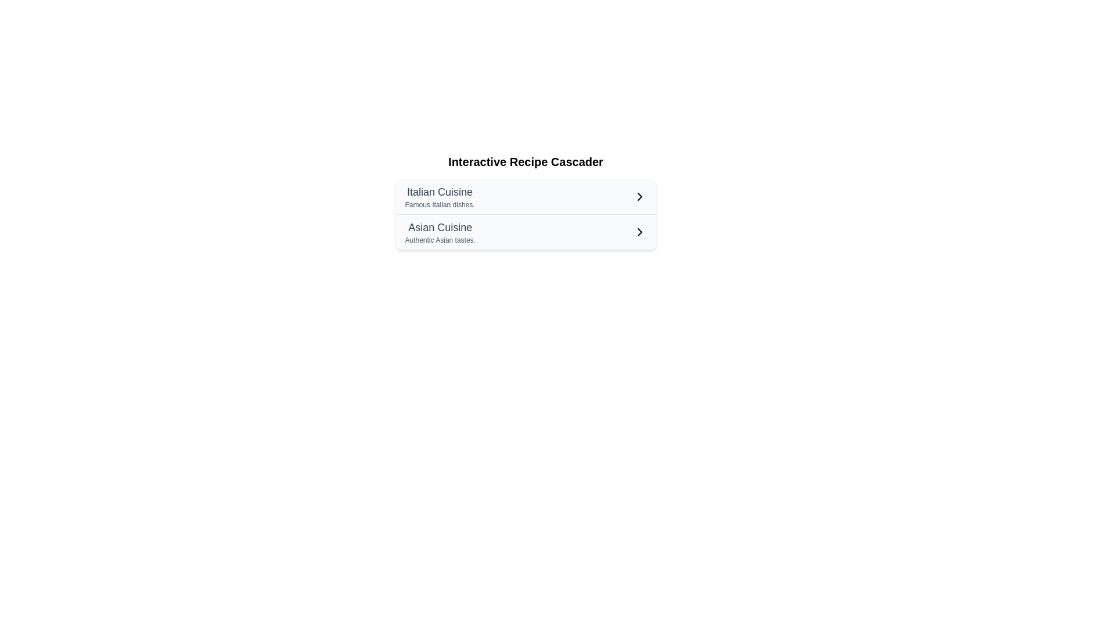 This screenshot has height=627, width=1115. Describe the element at coordinates (639, 196) in the screenshot. I see `the chevron icon pointing to the right, which is located to the right of the text 'Italian Cuisine' in the first row of a two-row list` at that location.